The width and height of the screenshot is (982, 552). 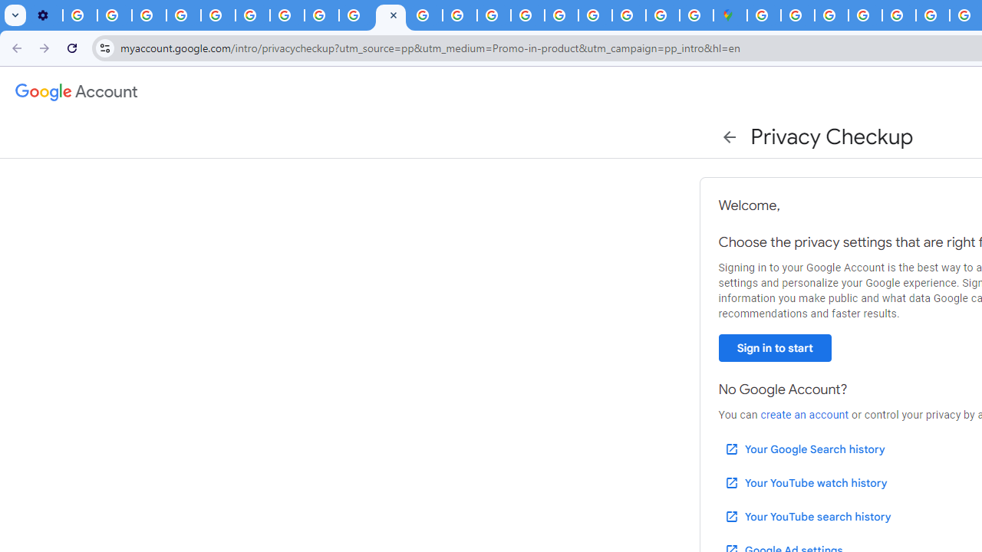 I want to click on 'Your YouTube search history', so click(x=806, y=516).